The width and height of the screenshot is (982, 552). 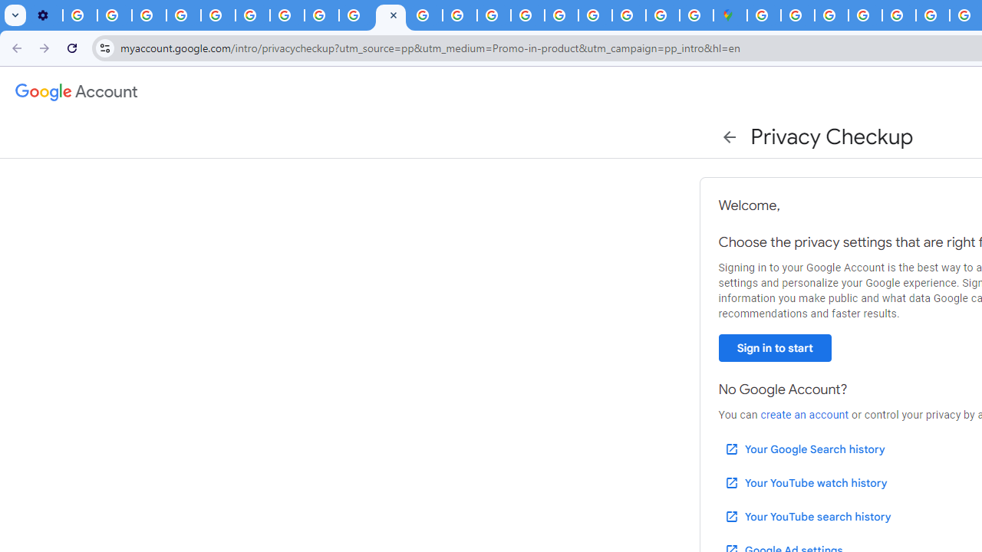 I want to click on 'Your YouTube search history', so click(x=806, y=516).